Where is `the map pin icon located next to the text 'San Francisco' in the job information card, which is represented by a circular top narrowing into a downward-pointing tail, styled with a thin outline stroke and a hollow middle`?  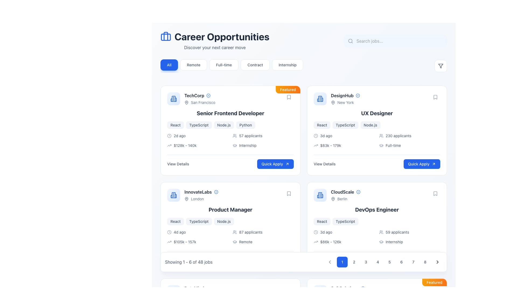
the map pin icon located next to the text 'San Francisco' in the job information card, which is represented by a circular top narrowing into a downward-pointing tail, styled with a thin outline stroke and a hollow middle is located at coordinates (186, 102).